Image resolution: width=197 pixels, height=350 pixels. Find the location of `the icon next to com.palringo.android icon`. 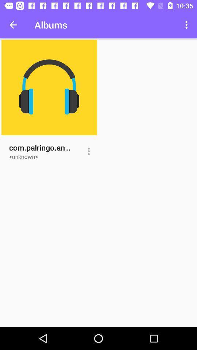

the icon next to com.palringo.android icon is located at coordinates (89, 151).